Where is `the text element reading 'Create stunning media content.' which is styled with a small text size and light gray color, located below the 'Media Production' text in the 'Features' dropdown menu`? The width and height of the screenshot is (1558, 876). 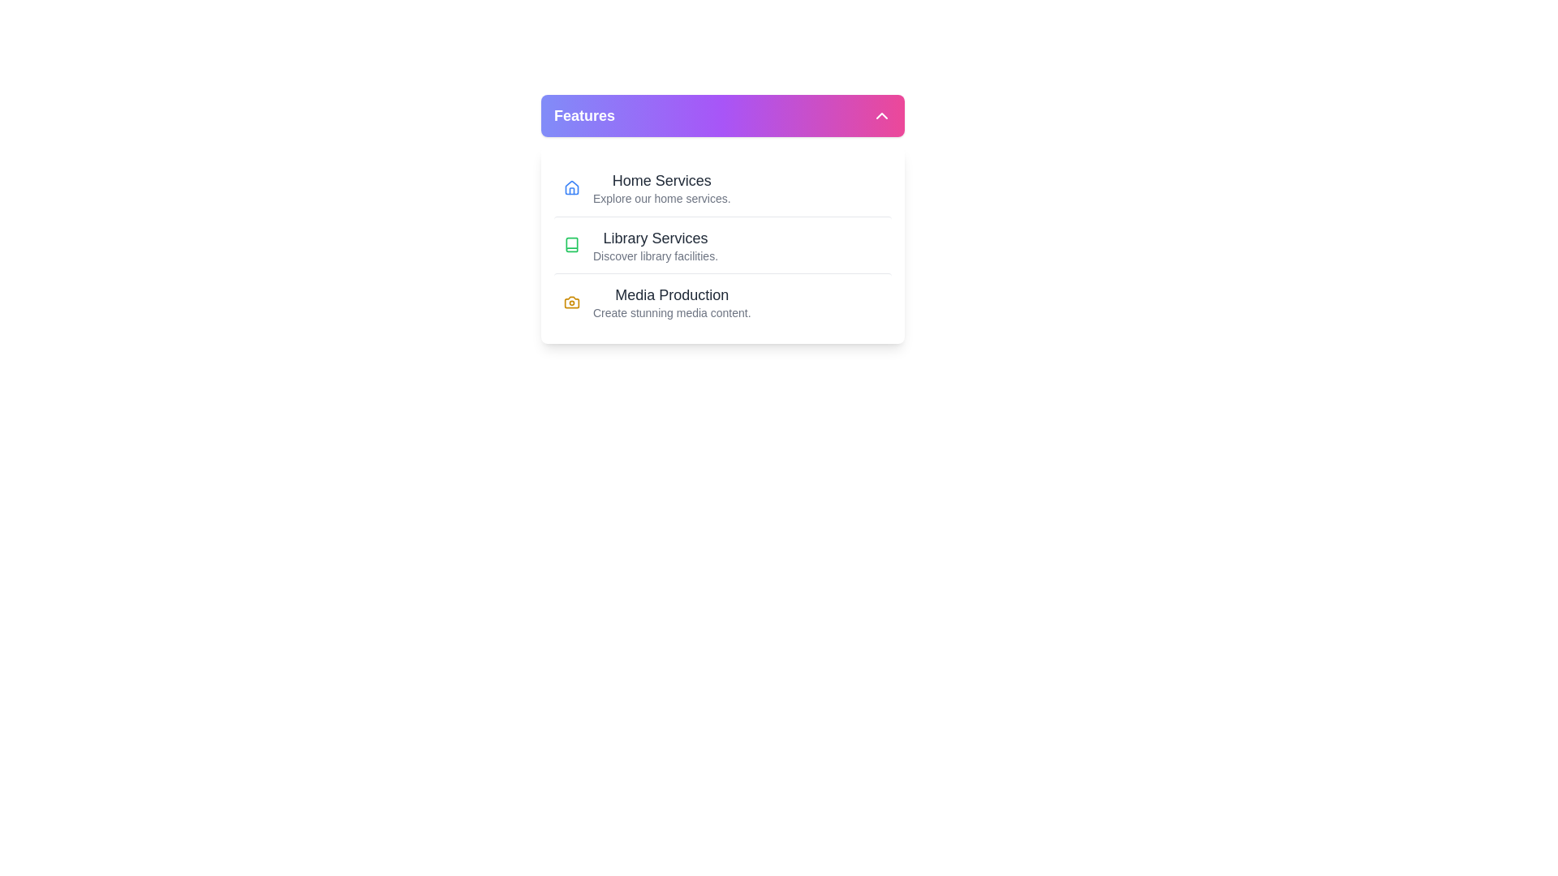 the text element reading 'Create stunning media content.' which is styled with a small text size and light gray color, located below the 'Media Production' text in the 'Features' dropdown menu is located at coordinates (672, 313).